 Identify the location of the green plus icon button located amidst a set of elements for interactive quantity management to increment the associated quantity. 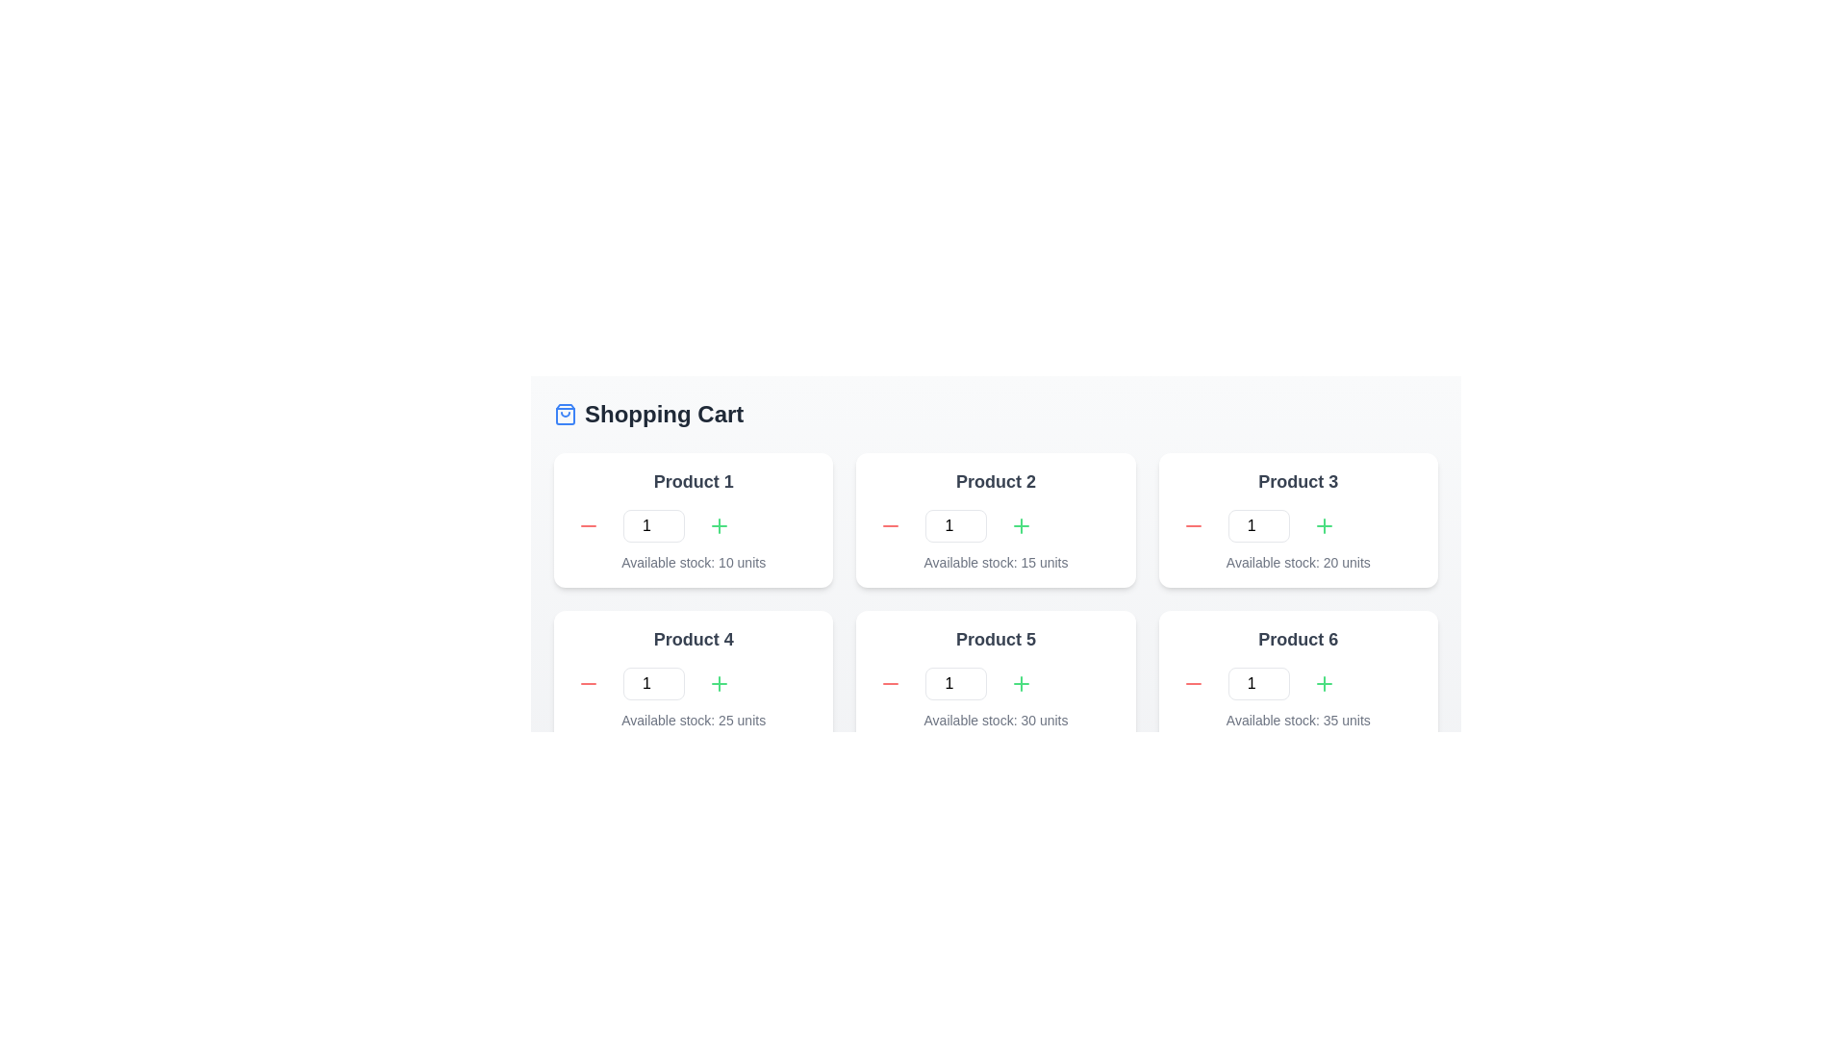
(719, 682).